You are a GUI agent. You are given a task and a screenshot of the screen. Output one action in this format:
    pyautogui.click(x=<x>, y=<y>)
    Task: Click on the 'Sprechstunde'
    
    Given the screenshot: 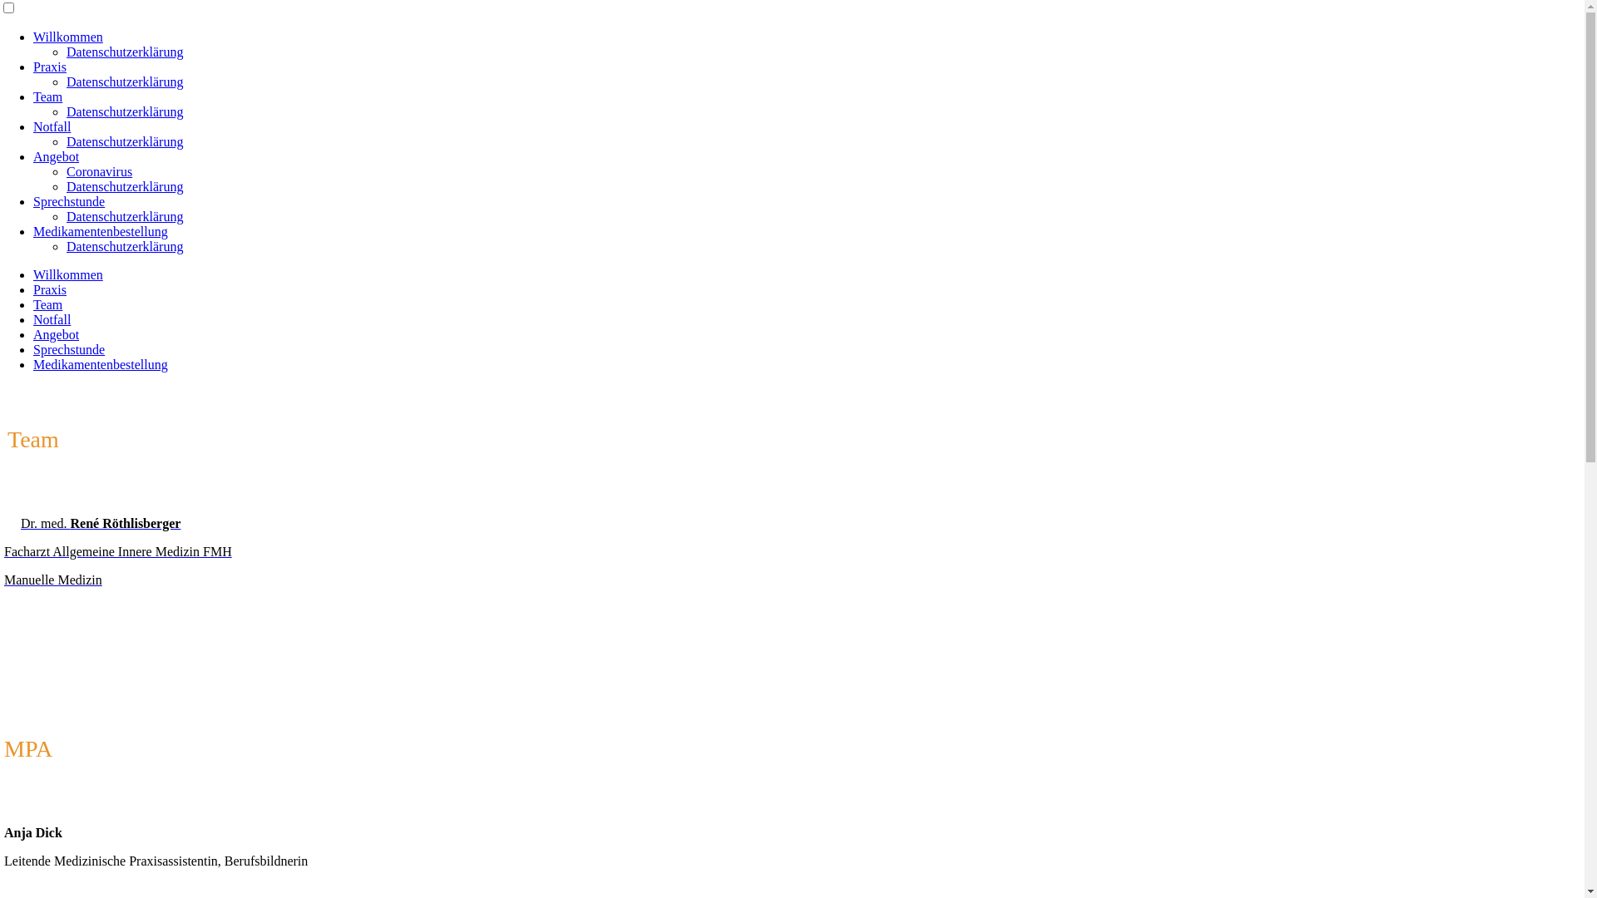 What is the action you would take?
    pyautogui.click(x=67, y=200)
    